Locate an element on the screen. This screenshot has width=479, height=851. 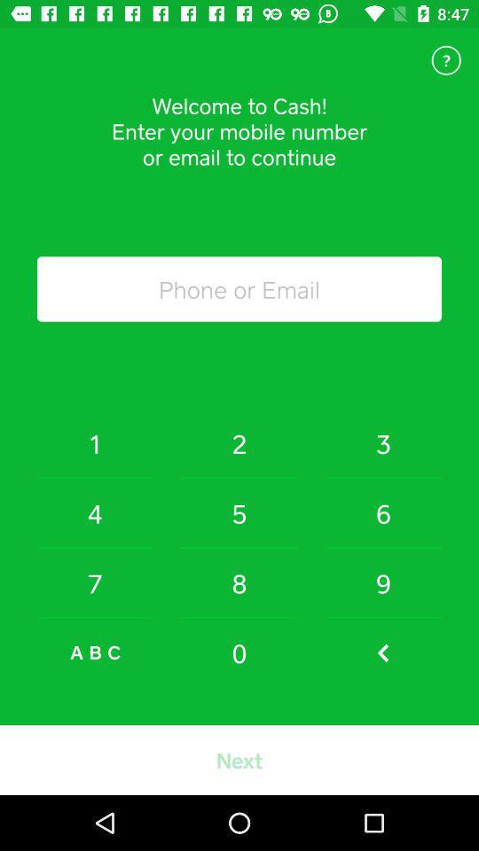
the help icon is located at coordinates (445, 60).